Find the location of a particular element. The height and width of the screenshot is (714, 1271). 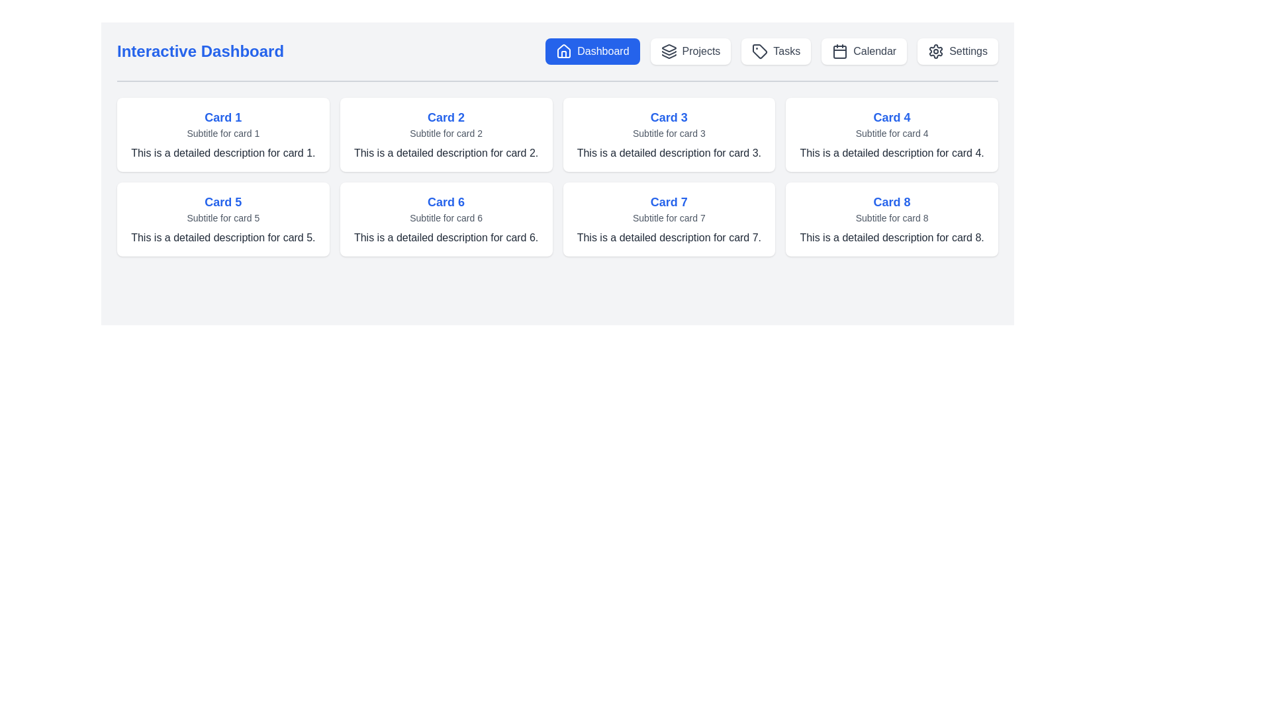

the rectangular card with a white background that contains the title 'Card 7', located in the 3rd row and 3rd column of a grid layout is located at coordinates (669, 218).